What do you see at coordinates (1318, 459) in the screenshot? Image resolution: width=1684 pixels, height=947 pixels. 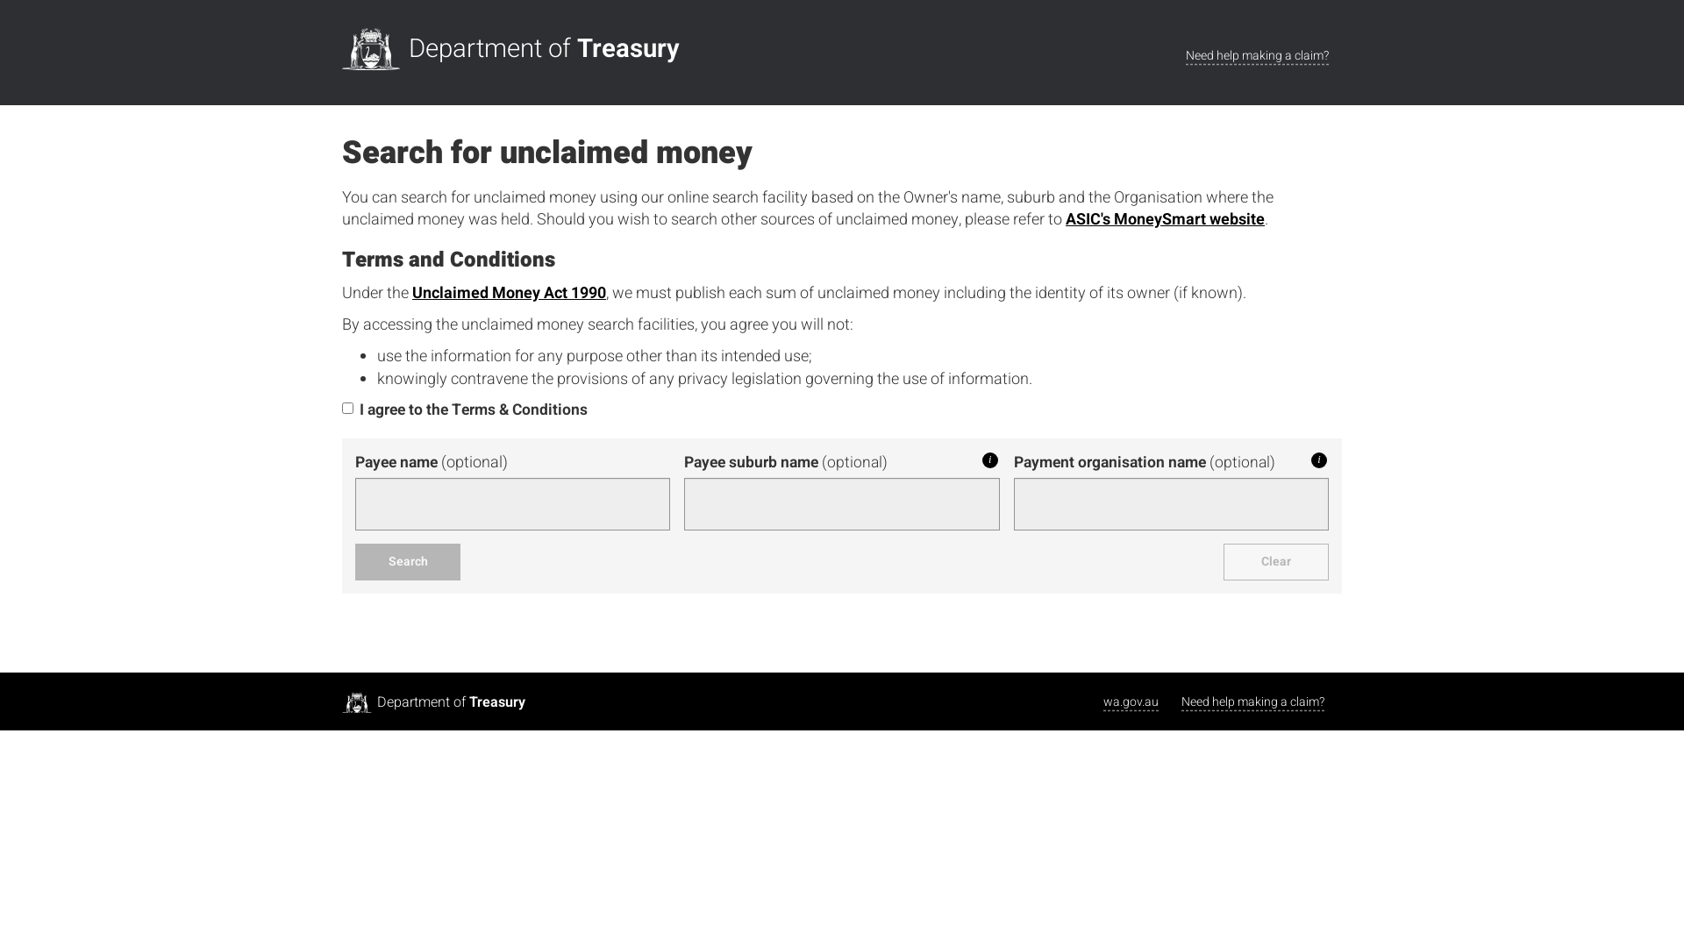 I see `'Help'` at bounding box center [1318, 459].